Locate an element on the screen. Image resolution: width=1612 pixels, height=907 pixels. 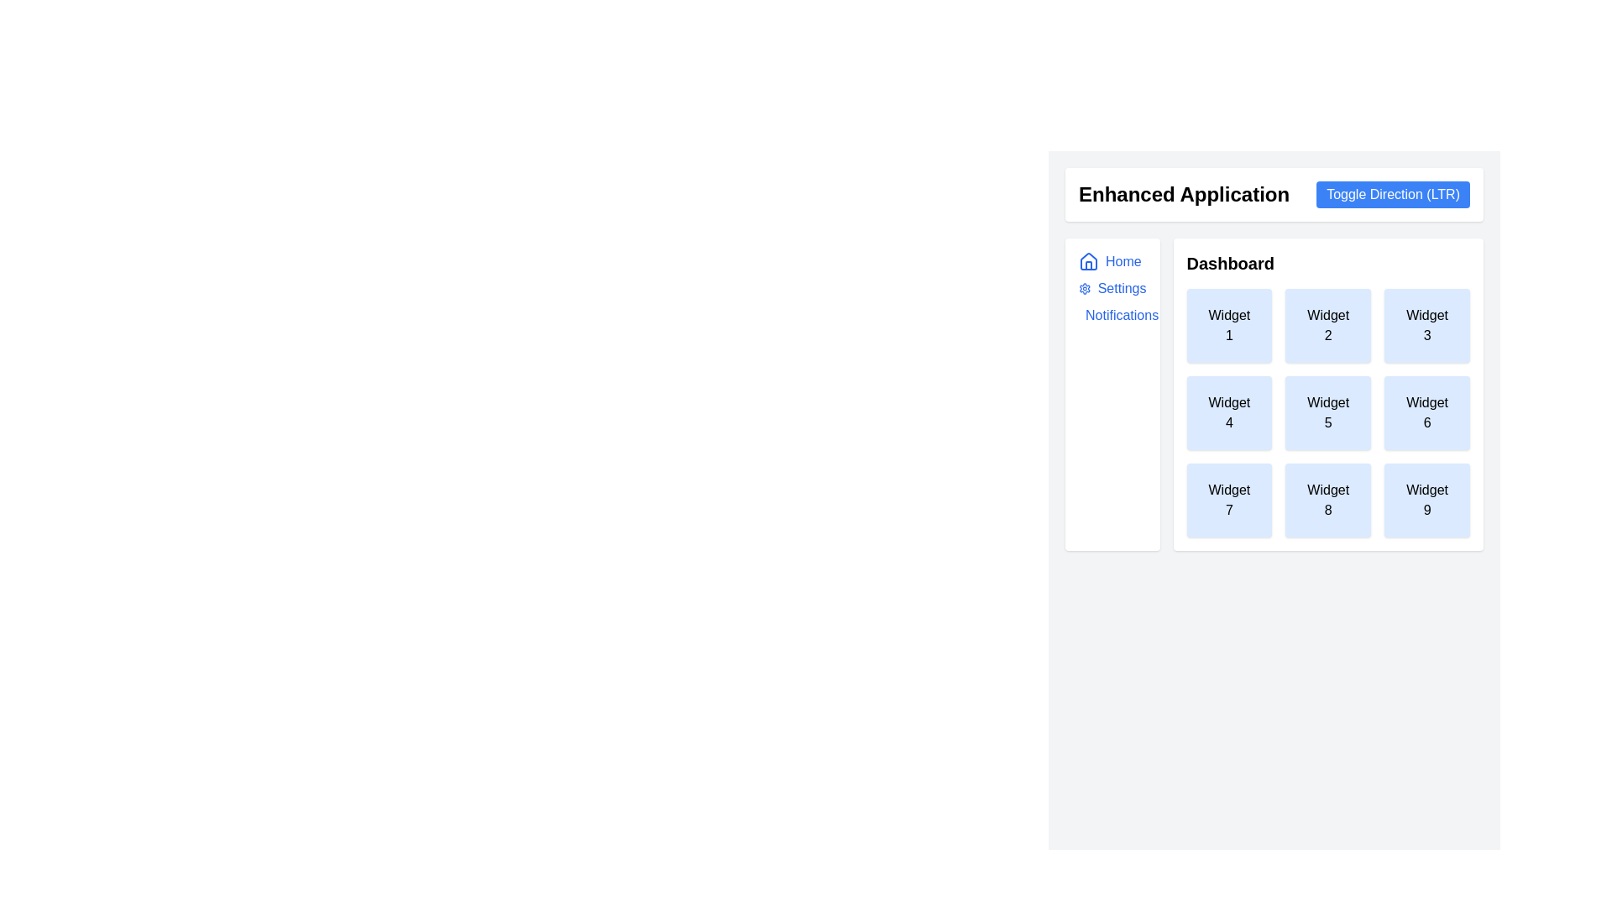
the gear-like SVG icon indicating settings functionality, which is located next to the 'Settings' text in the left sidebar menu is located at coordinates (1085, 287).